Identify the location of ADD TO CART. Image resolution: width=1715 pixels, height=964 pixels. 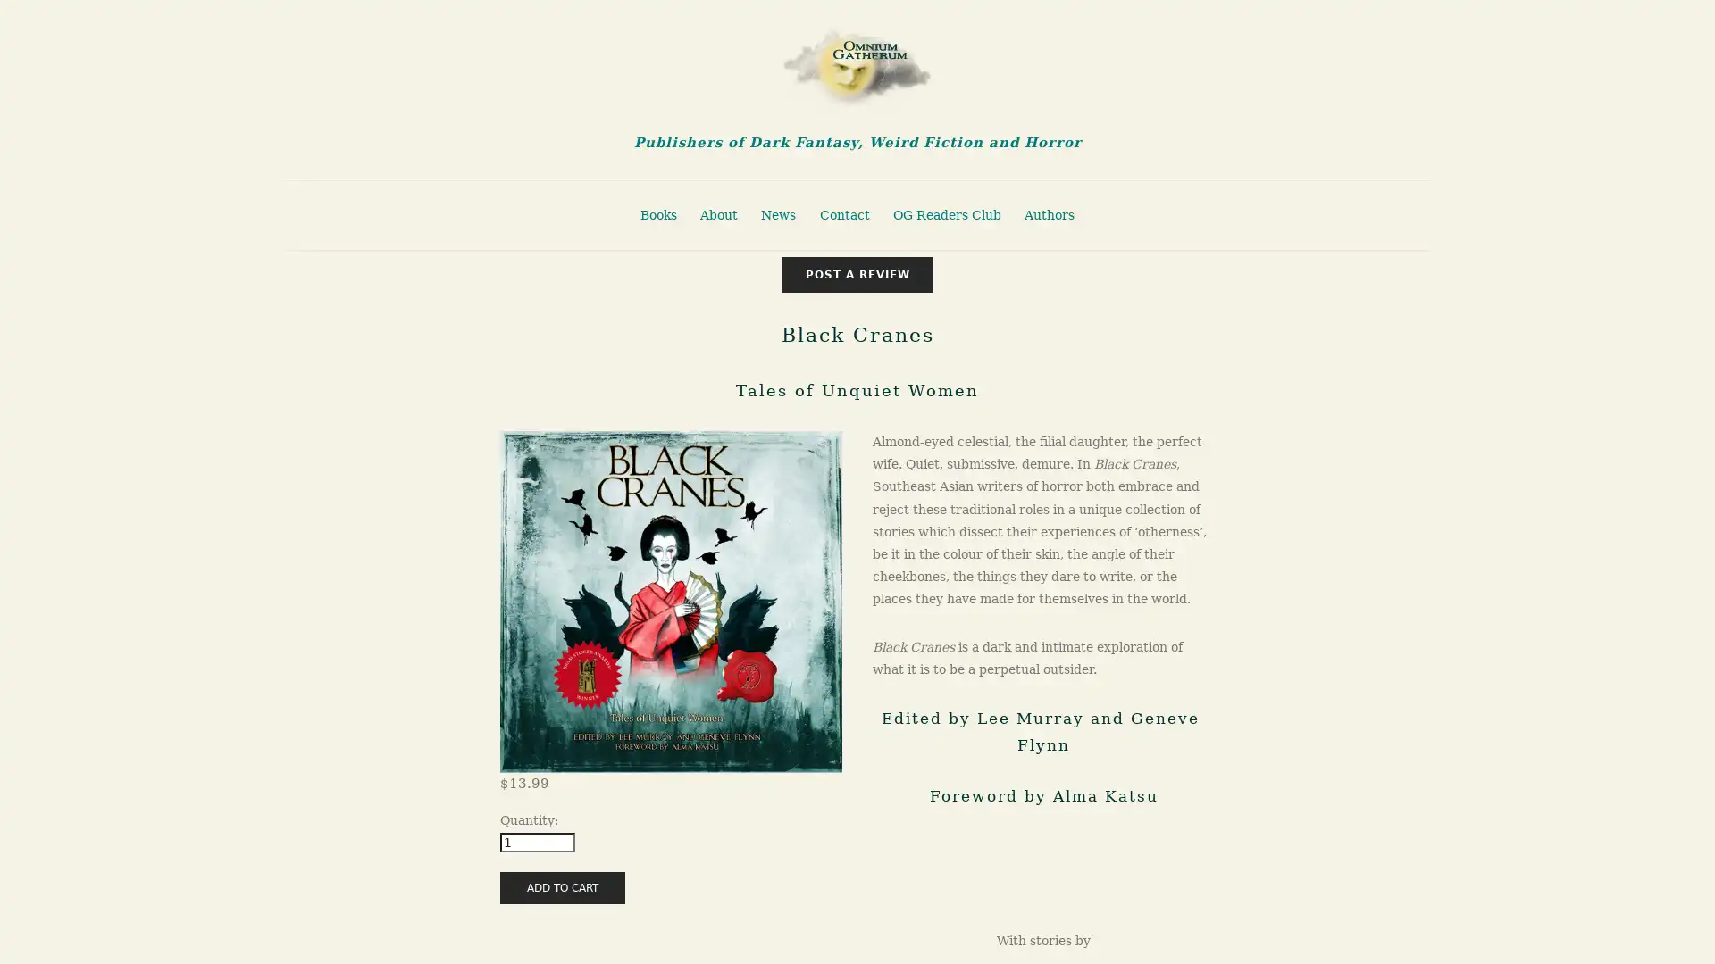
(561, 887).